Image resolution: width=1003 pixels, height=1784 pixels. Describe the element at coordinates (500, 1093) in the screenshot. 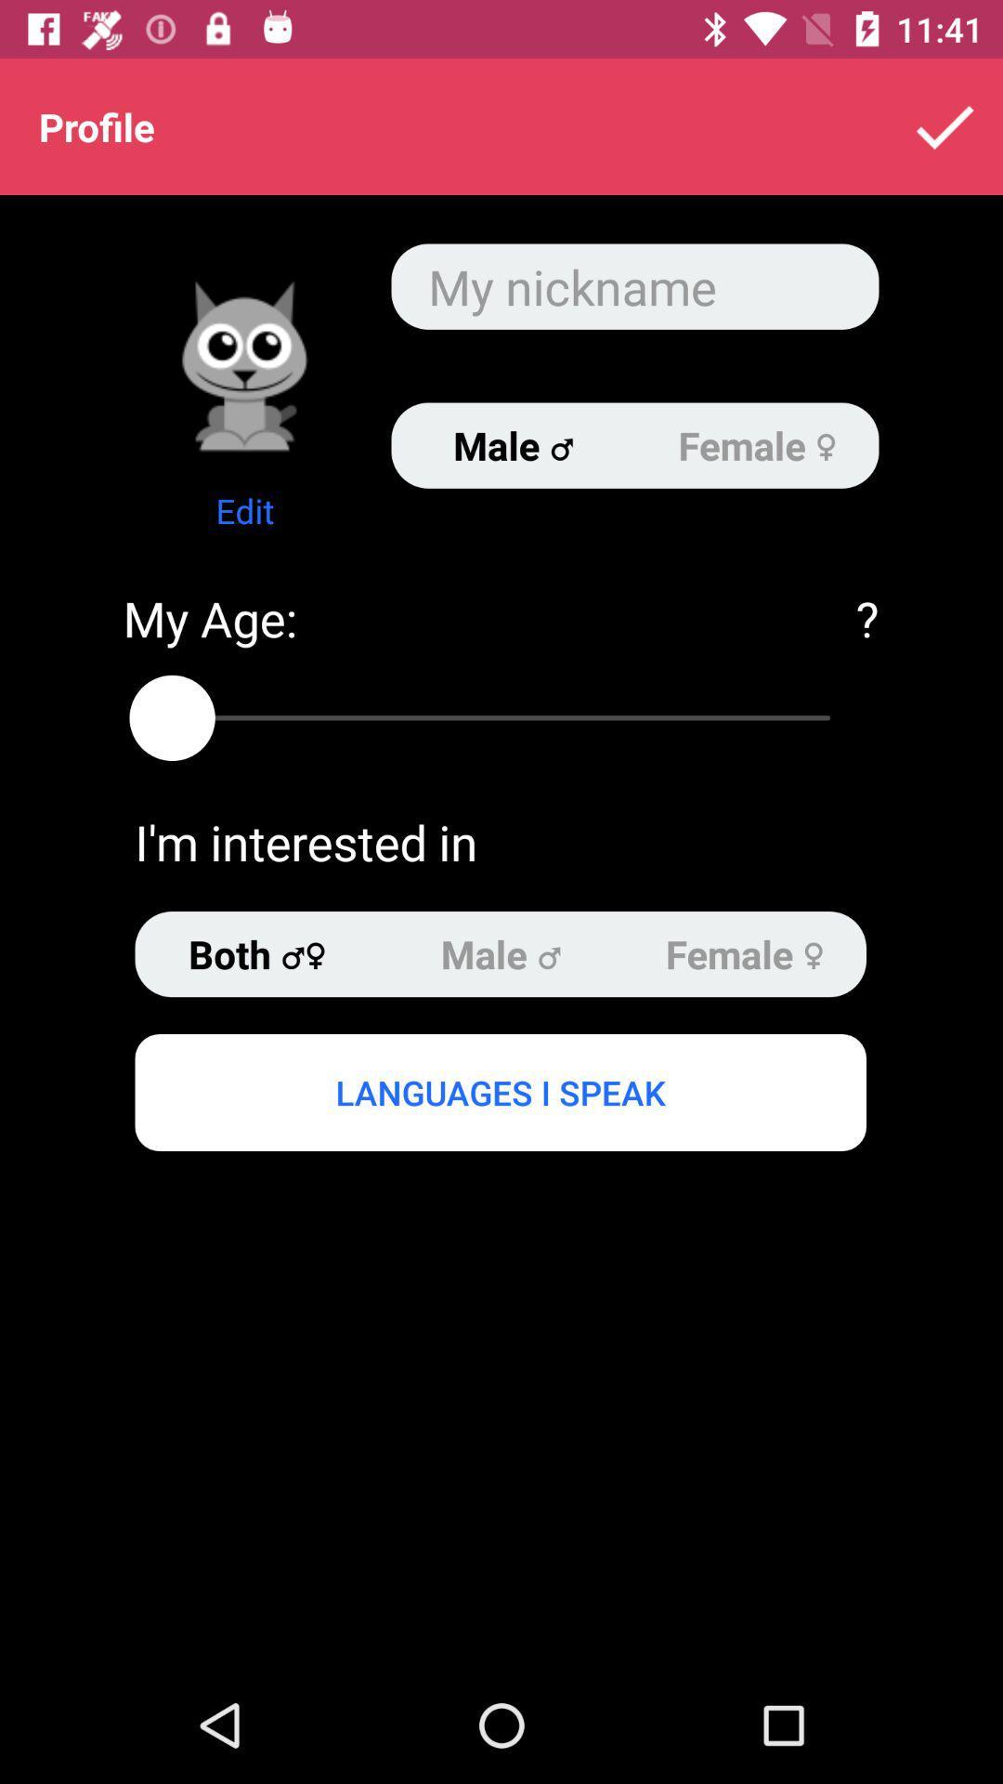

I see `the languages i speak` at that location.